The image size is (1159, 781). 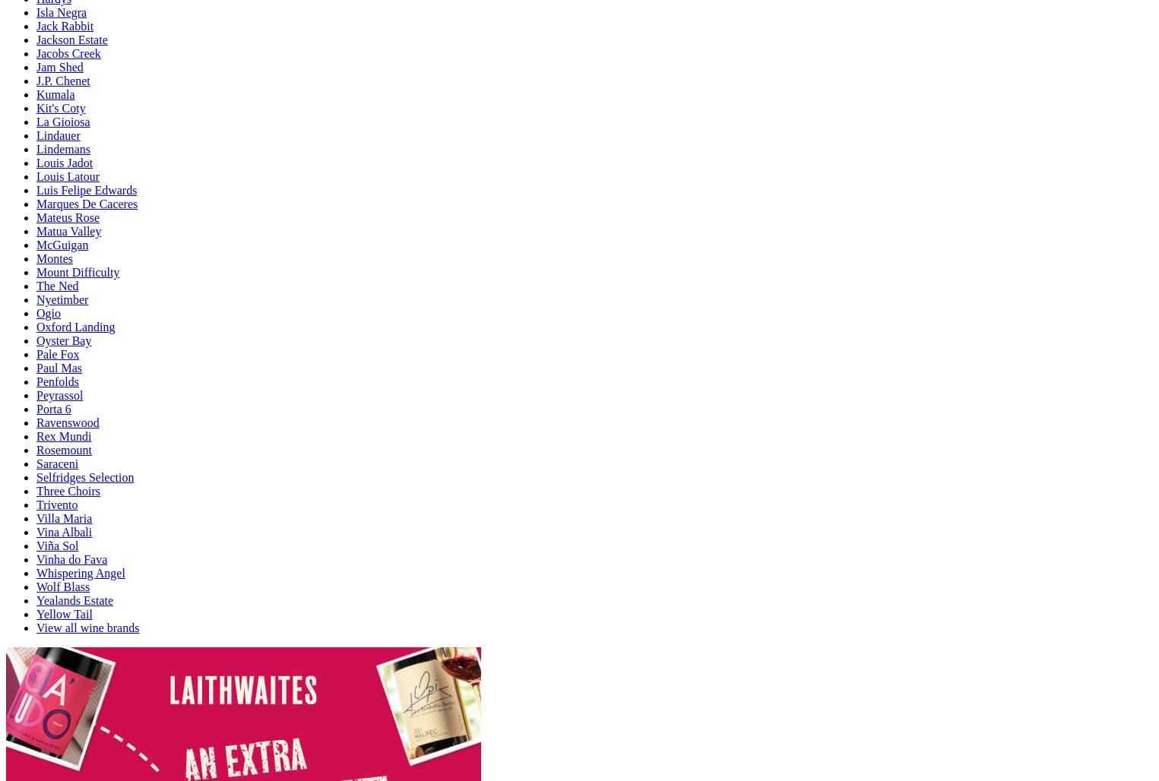 What do you see at coordinates (68, 175) in the screenshot?
I see `'Louis Latour'` at bounding box center [68, 175].